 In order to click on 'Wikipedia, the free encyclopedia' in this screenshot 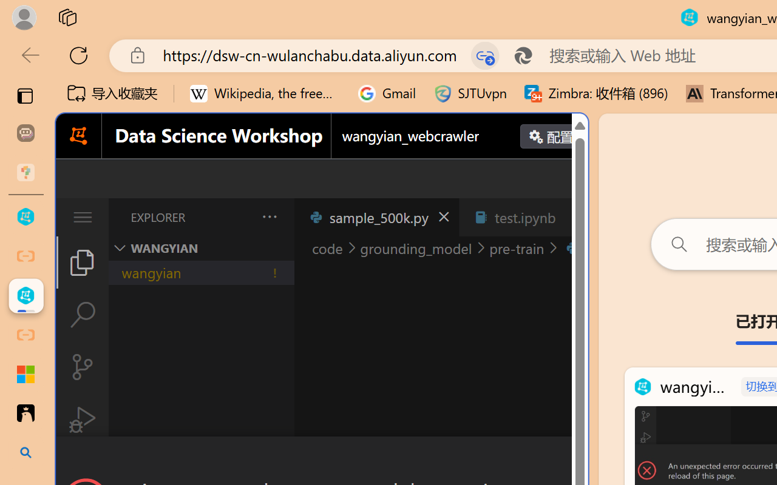, I will do `click(265, 93)`.